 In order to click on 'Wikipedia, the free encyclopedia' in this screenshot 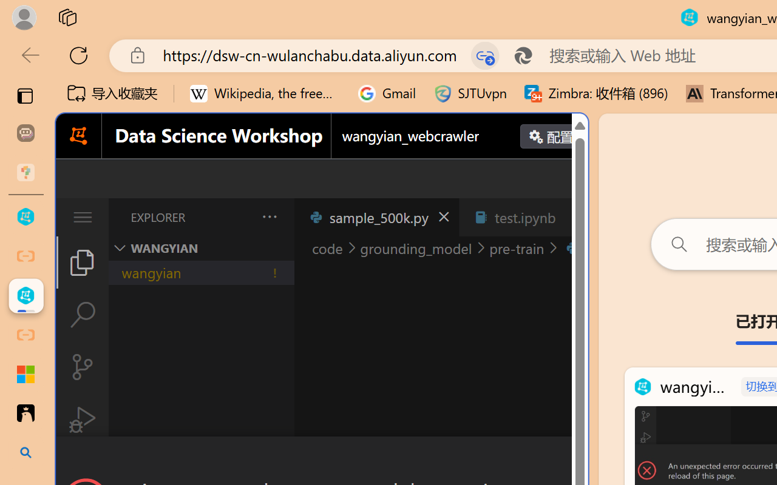, I will do `click(265, 93)`.